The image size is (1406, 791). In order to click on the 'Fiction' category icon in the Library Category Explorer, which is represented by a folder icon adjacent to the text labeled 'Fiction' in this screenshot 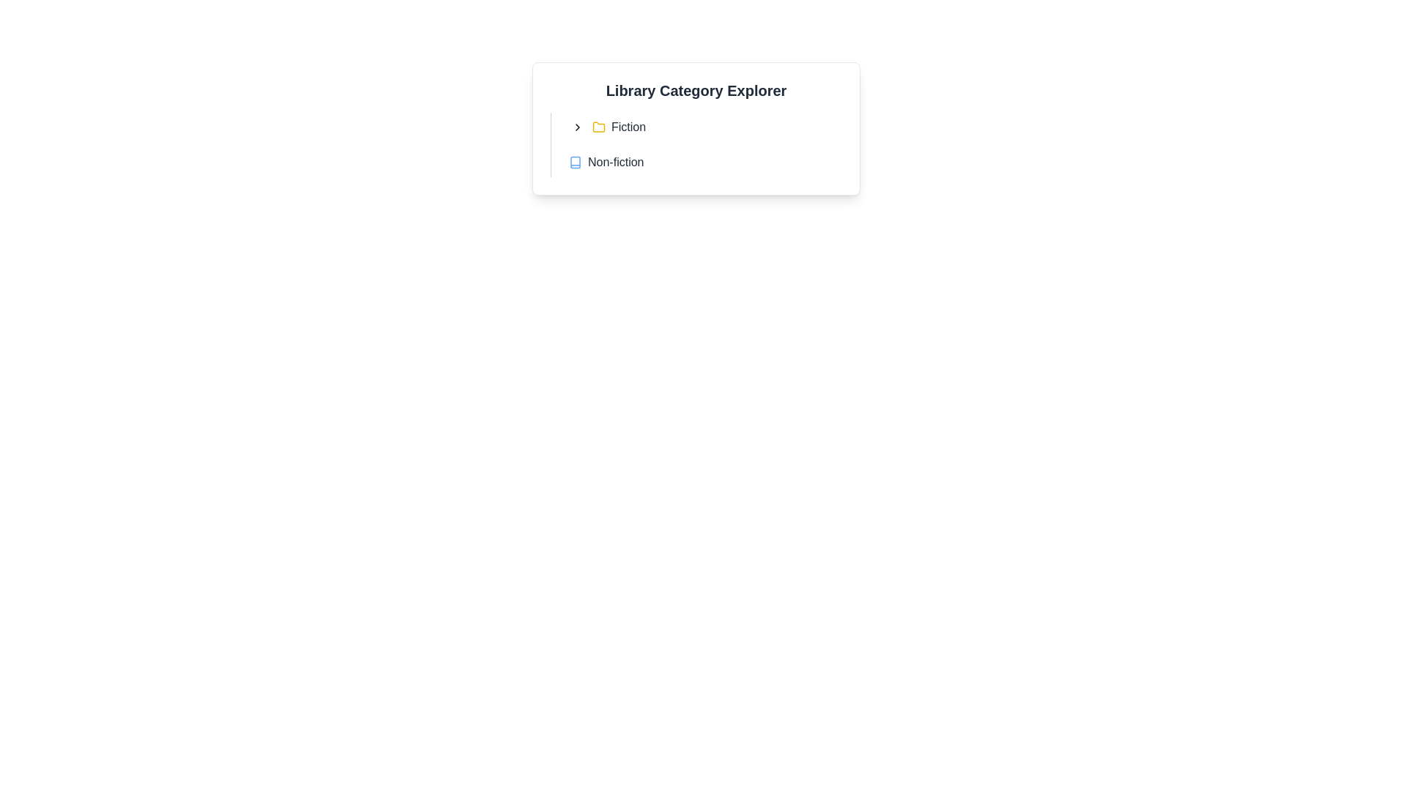, I will do `click(598, 126)`.